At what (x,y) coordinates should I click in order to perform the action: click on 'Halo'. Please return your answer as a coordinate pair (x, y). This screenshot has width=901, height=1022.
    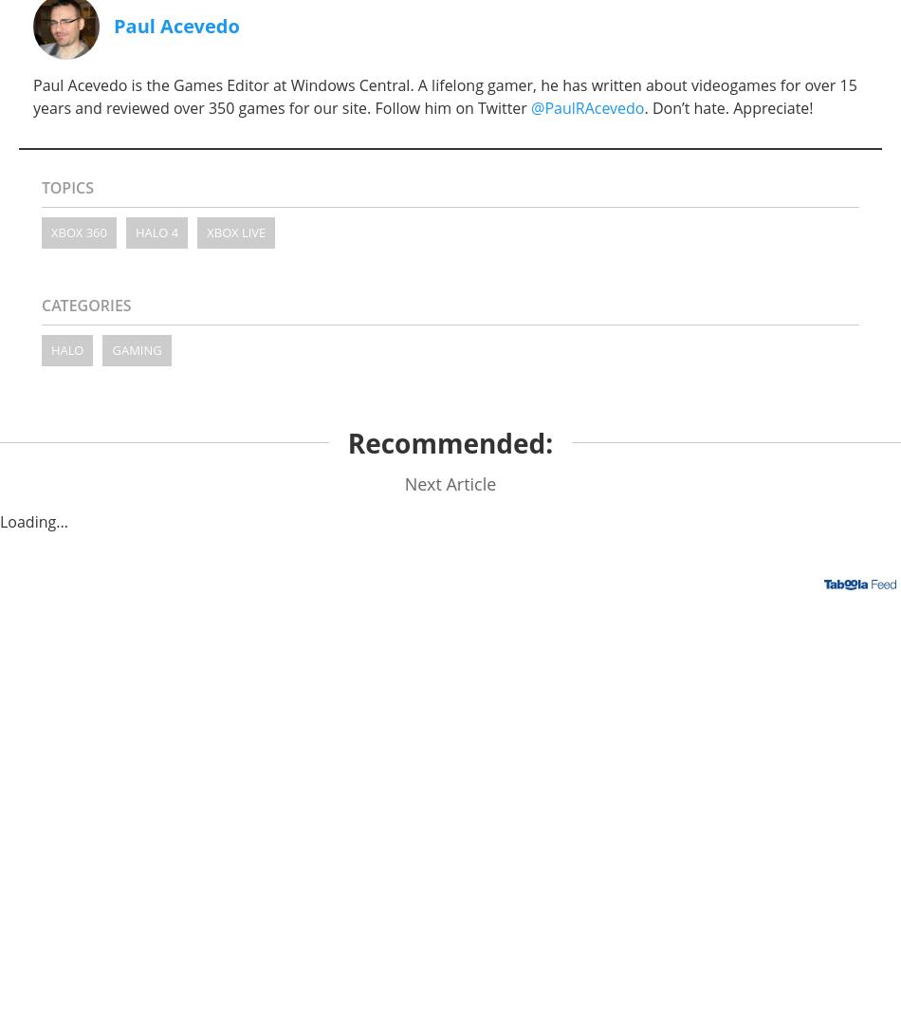
    Looking at the image, I should click on (66, 348).